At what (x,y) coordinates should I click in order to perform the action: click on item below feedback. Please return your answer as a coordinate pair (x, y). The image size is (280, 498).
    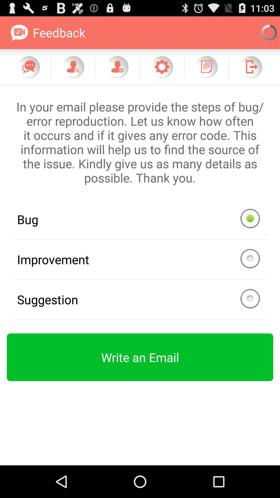
    Looking at the image, I should click on (73, 66).